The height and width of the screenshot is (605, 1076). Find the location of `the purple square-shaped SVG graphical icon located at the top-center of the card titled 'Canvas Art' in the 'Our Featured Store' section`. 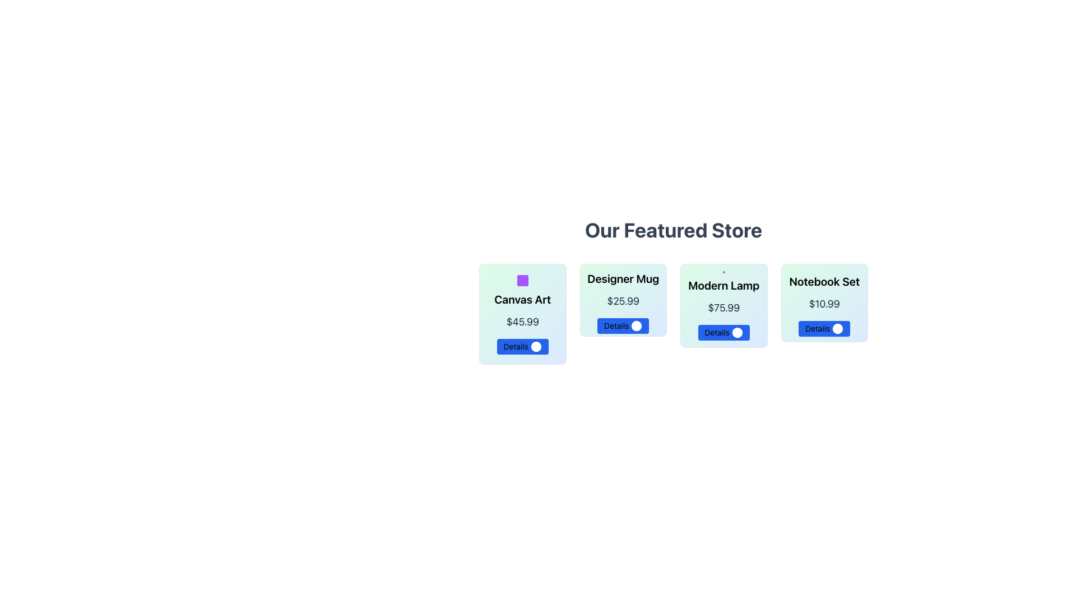

the purple square-shaped SVG graphical icon located at the top-center of the card titled 'Canvas Art' in the 'Our Featured Store' section is located at coordinates (522, 280).